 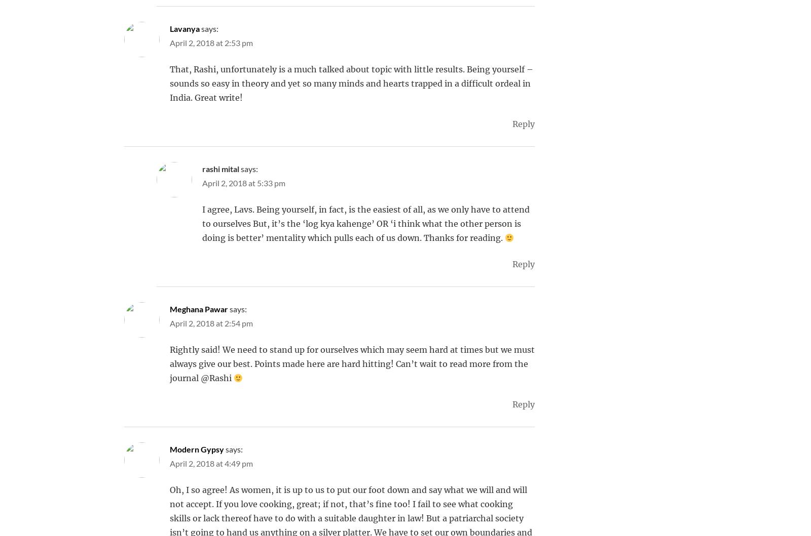 I want to click on 'rashi mital', so click(x=220, y=168).